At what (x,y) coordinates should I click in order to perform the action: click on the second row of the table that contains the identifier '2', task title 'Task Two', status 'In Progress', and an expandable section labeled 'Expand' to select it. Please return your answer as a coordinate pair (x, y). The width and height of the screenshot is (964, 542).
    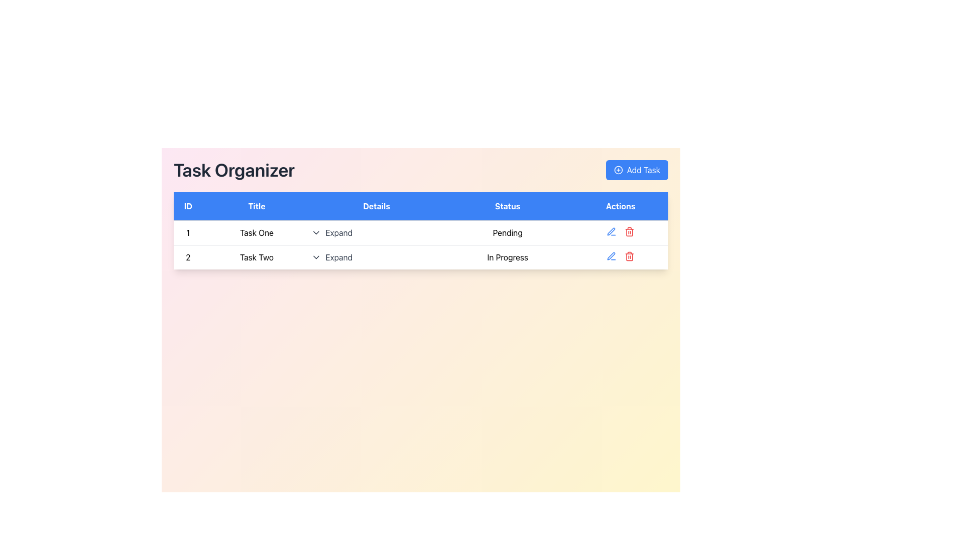
    Looking at the image, I should click on (421, 256).